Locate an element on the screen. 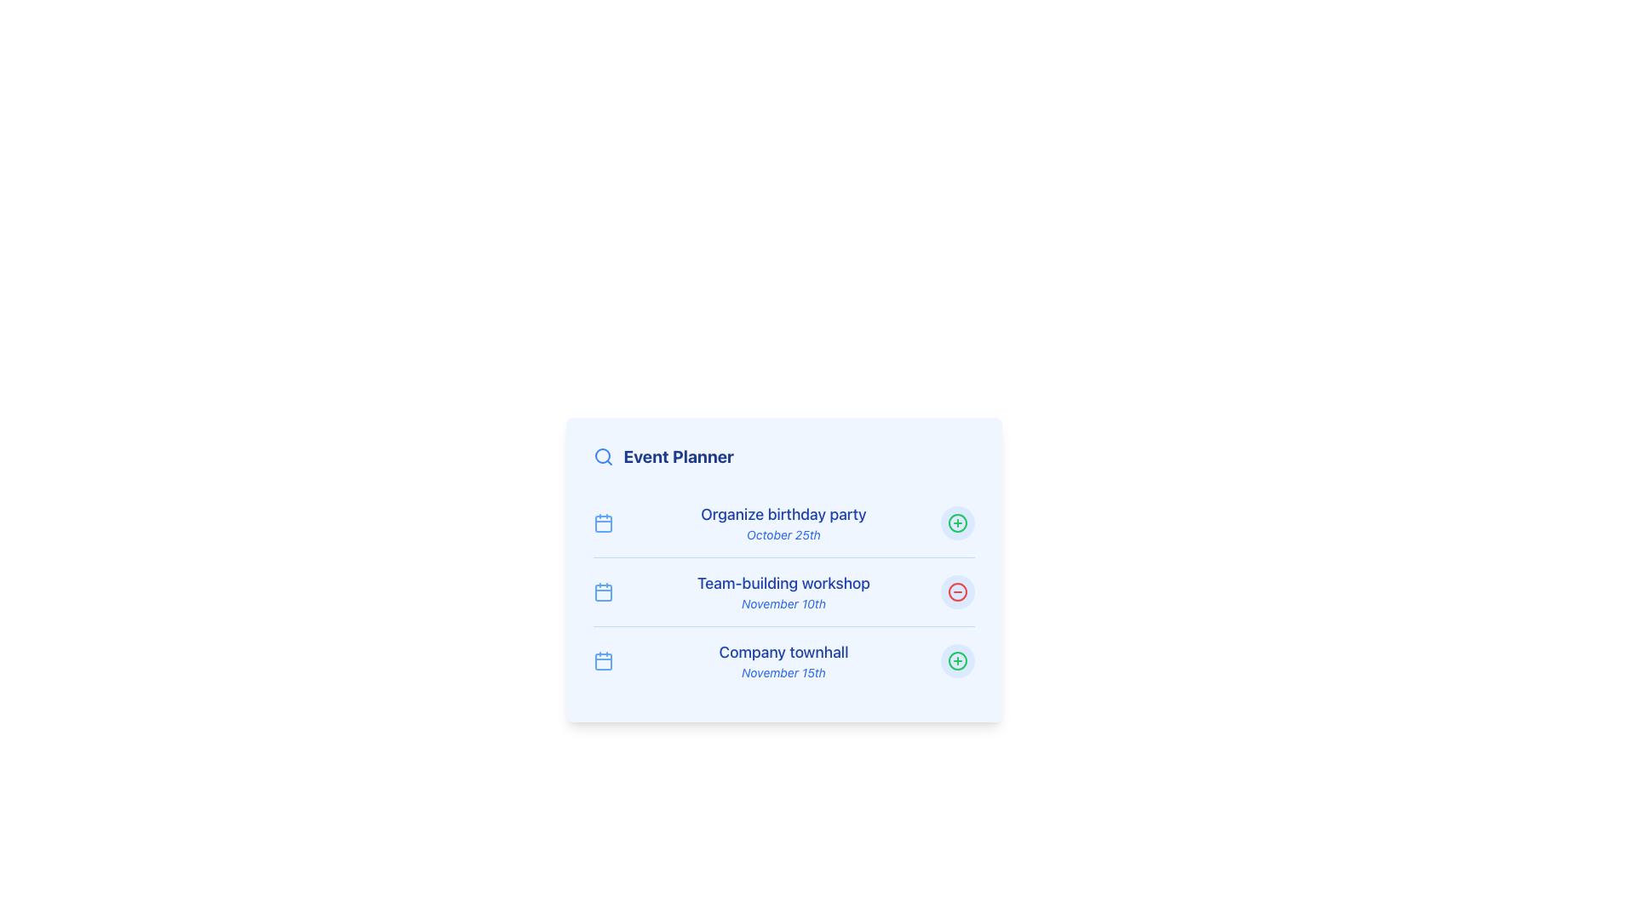 Image resolution: width=1635 pixels, height=919 pixels. the blue-colored magnifying glass icon located to the left of the 'Event Planner' text in the header section of the light blue box is located at coordinates (603, 455).